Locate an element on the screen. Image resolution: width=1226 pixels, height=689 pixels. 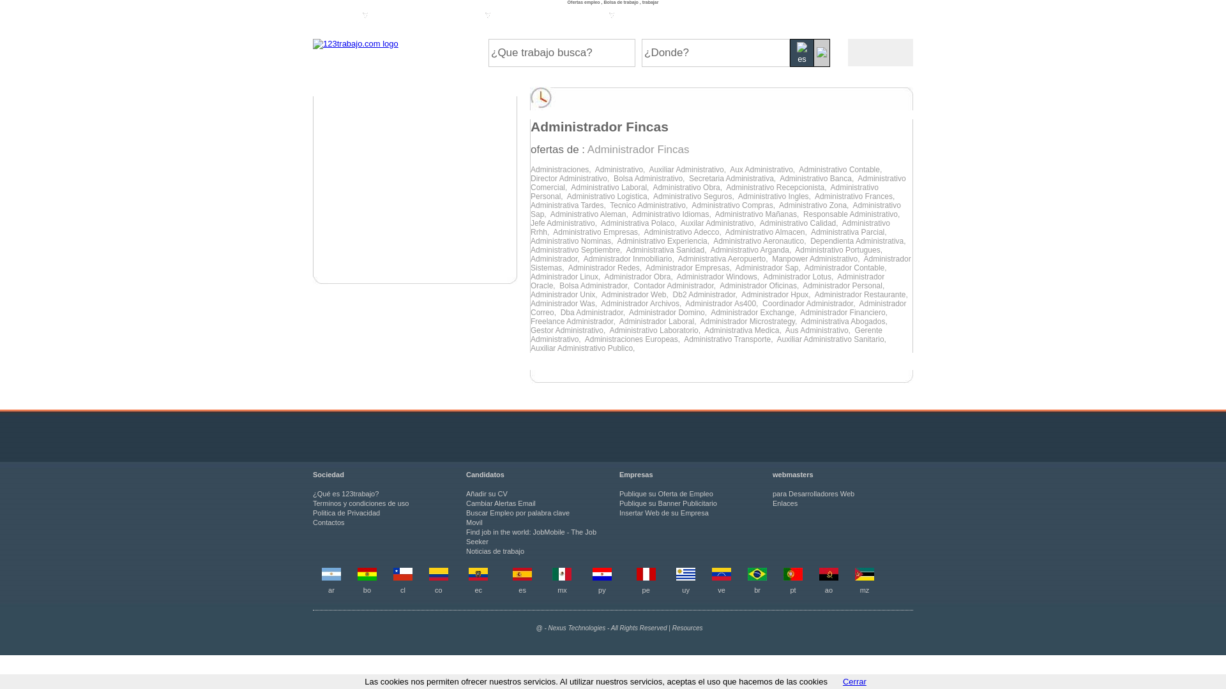
'Administrador Financiero, ' is located at coordinates (845, 312).